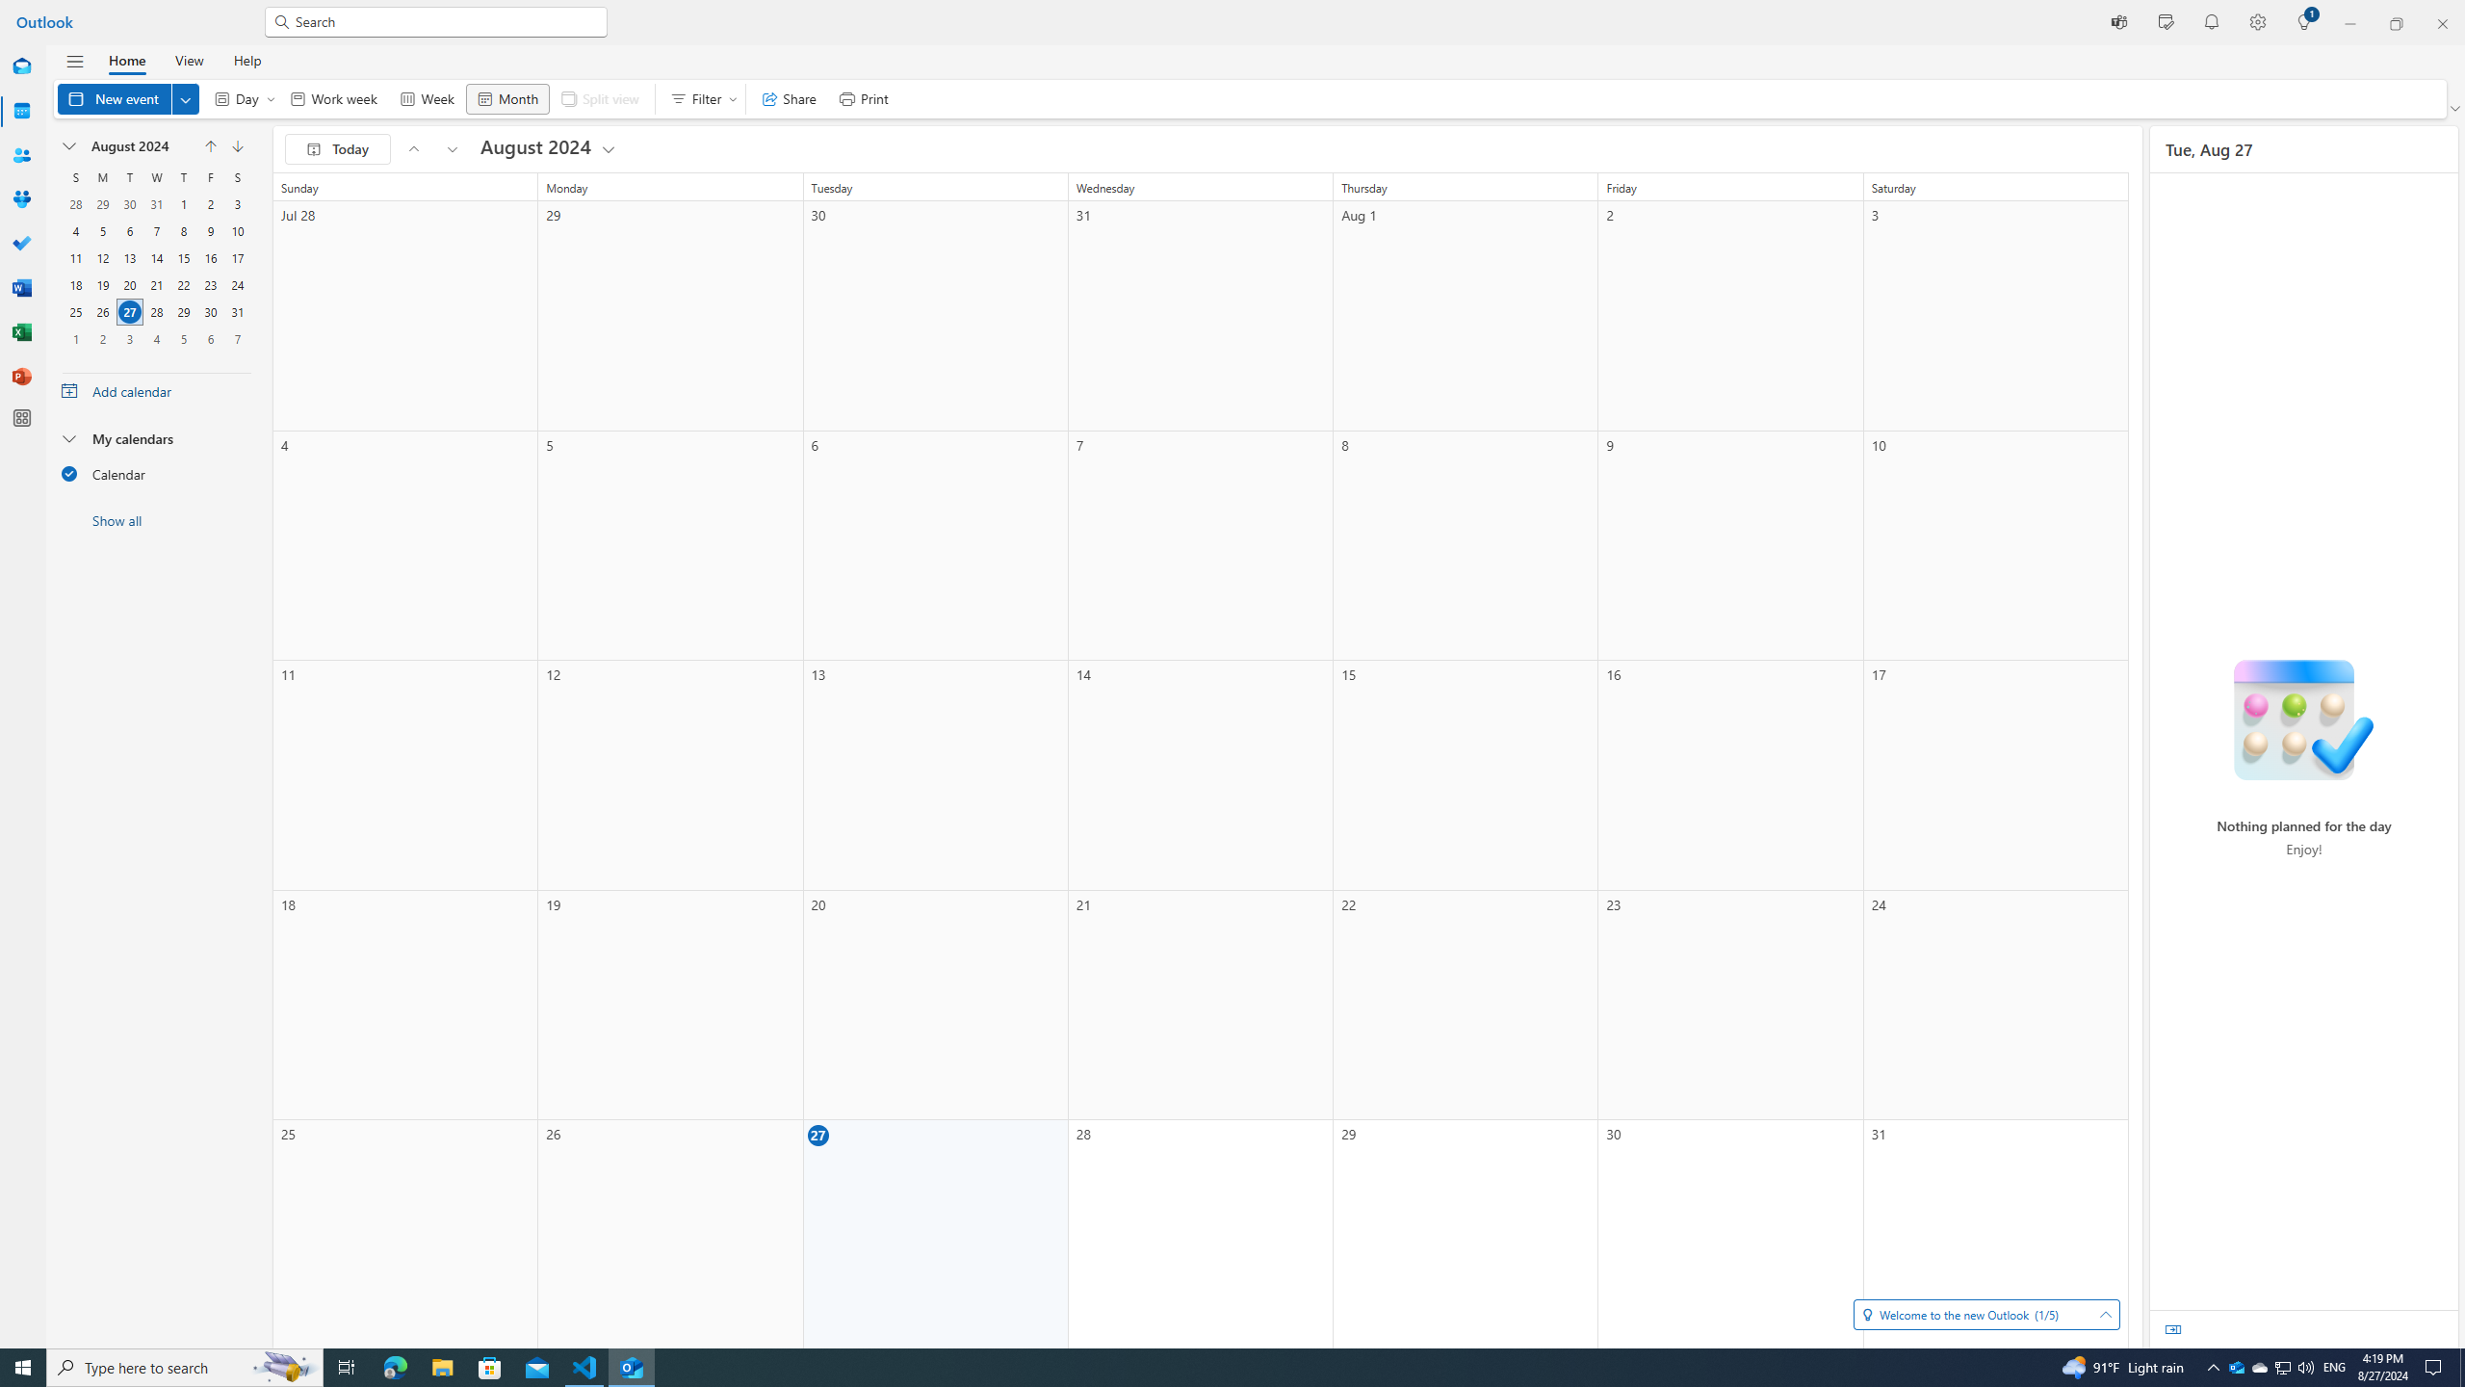 This screenshot has height=1387, width=2465. Describe the element at coordinates (2304, 1366) in the screenshot. I see `'Q2790: 100%'` at that location.